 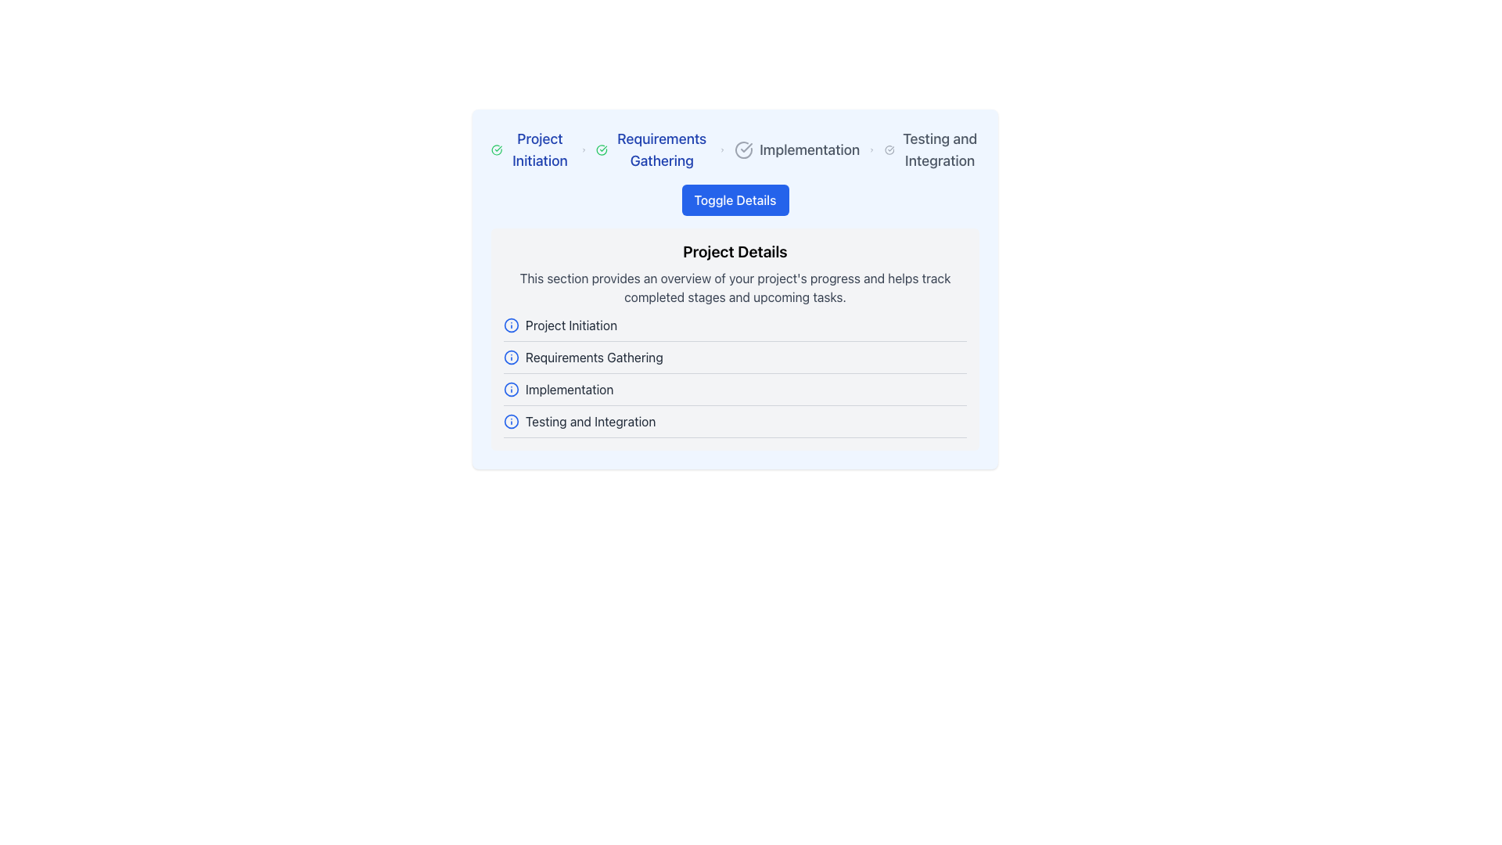 I want to click on SVG check icon styled with a green stroke located to the left of the text 'Project Initiation' by clicking on it, so click(x=496, y=150).